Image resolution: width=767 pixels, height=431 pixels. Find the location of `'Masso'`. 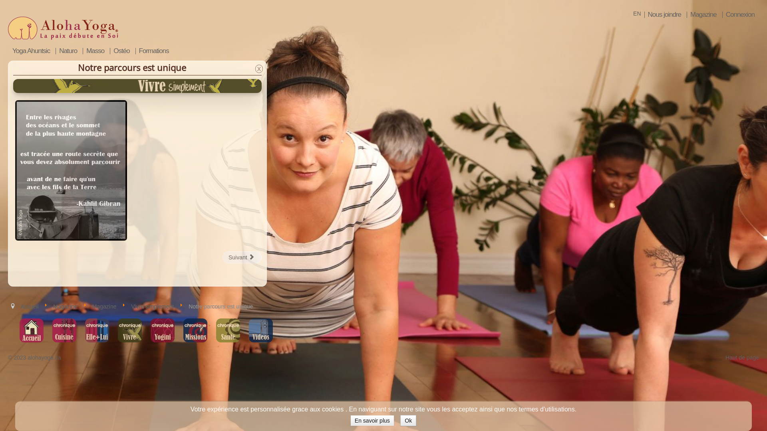

'Masso' is located at coordinates (95, 51).